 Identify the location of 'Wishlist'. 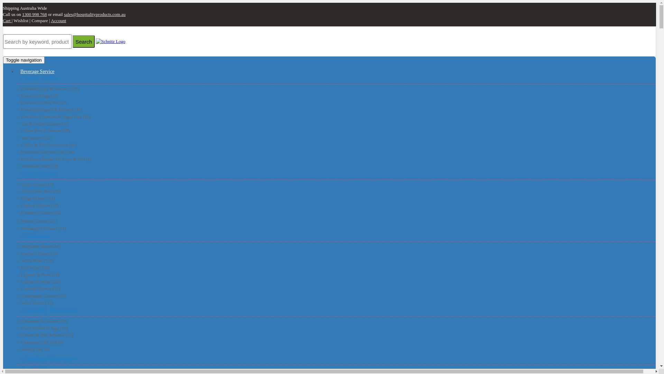
(21, 20).